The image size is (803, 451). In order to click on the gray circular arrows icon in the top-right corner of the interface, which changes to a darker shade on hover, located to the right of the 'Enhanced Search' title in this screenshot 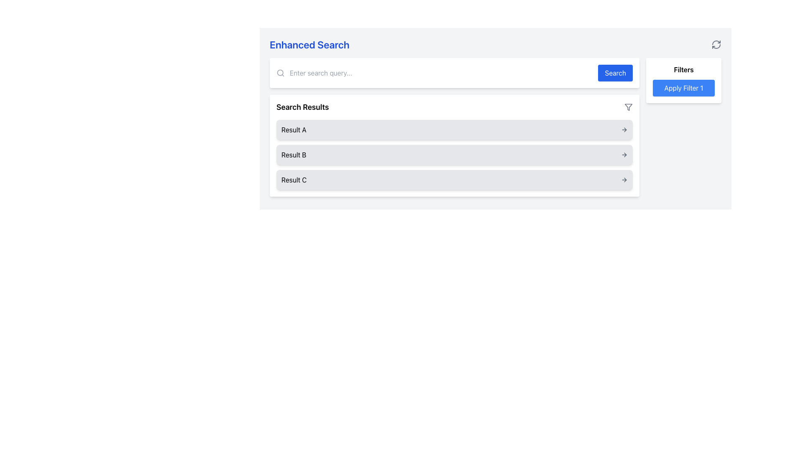, I will do `click(716, 45)`.